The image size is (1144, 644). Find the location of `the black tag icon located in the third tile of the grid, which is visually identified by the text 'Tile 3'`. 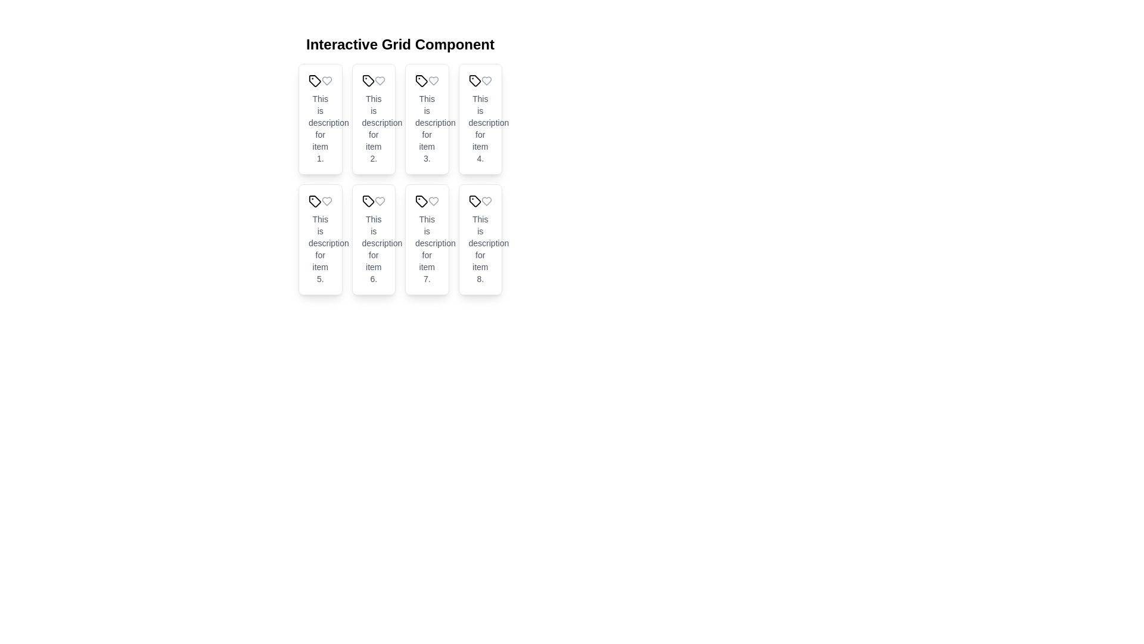

the black tag icon located in the third tile of the grid, which is visually identified by the text 'Tile 3' is located at coordinates (427, 80).